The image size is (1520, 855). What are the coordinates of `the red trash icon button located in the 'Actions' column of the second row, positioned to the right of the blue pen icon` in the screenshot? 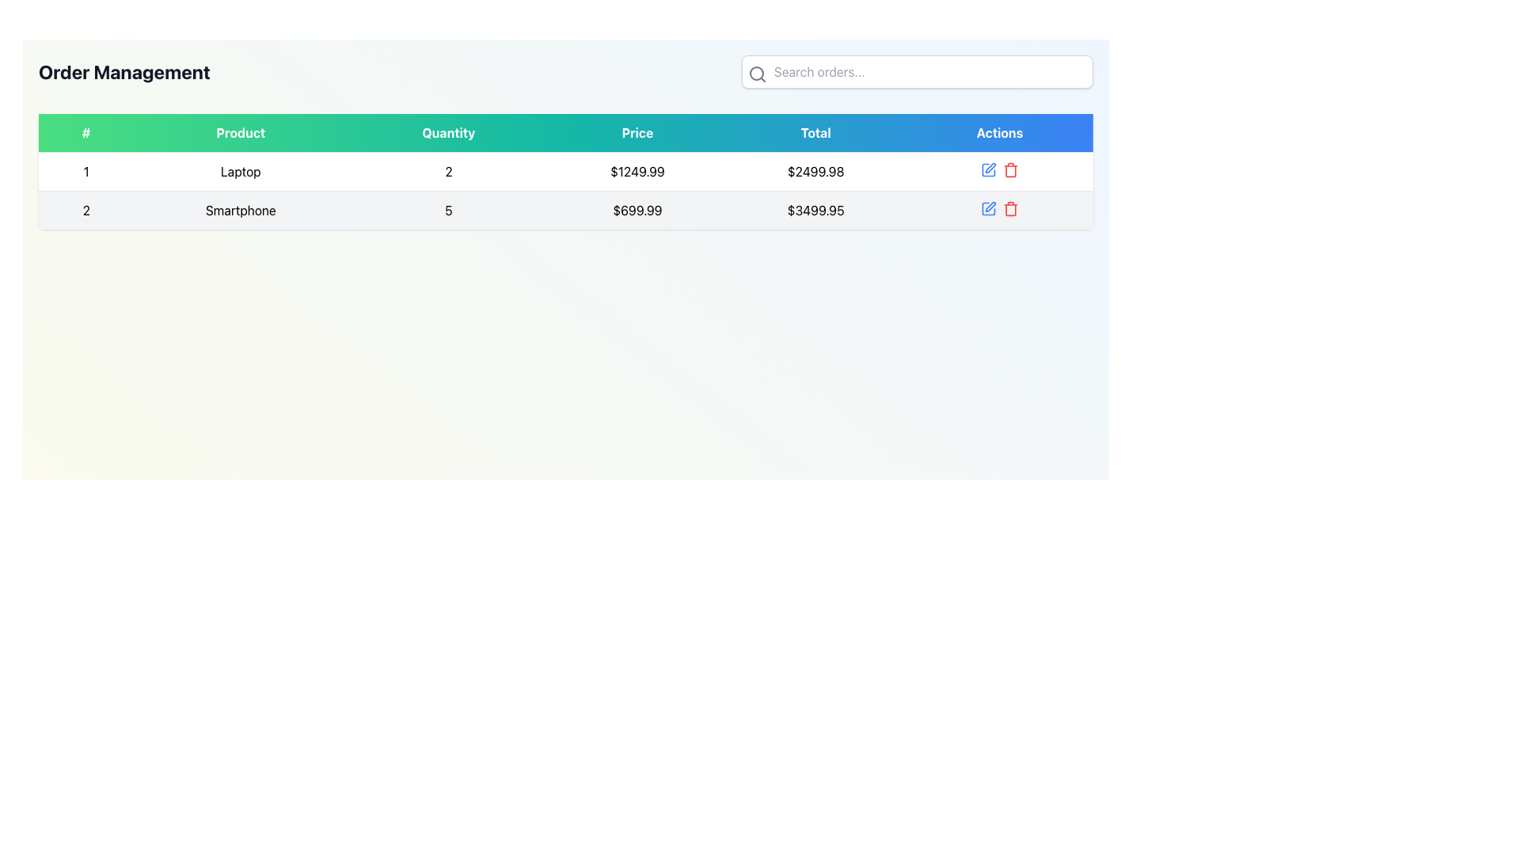 It's located at (1009, 170).